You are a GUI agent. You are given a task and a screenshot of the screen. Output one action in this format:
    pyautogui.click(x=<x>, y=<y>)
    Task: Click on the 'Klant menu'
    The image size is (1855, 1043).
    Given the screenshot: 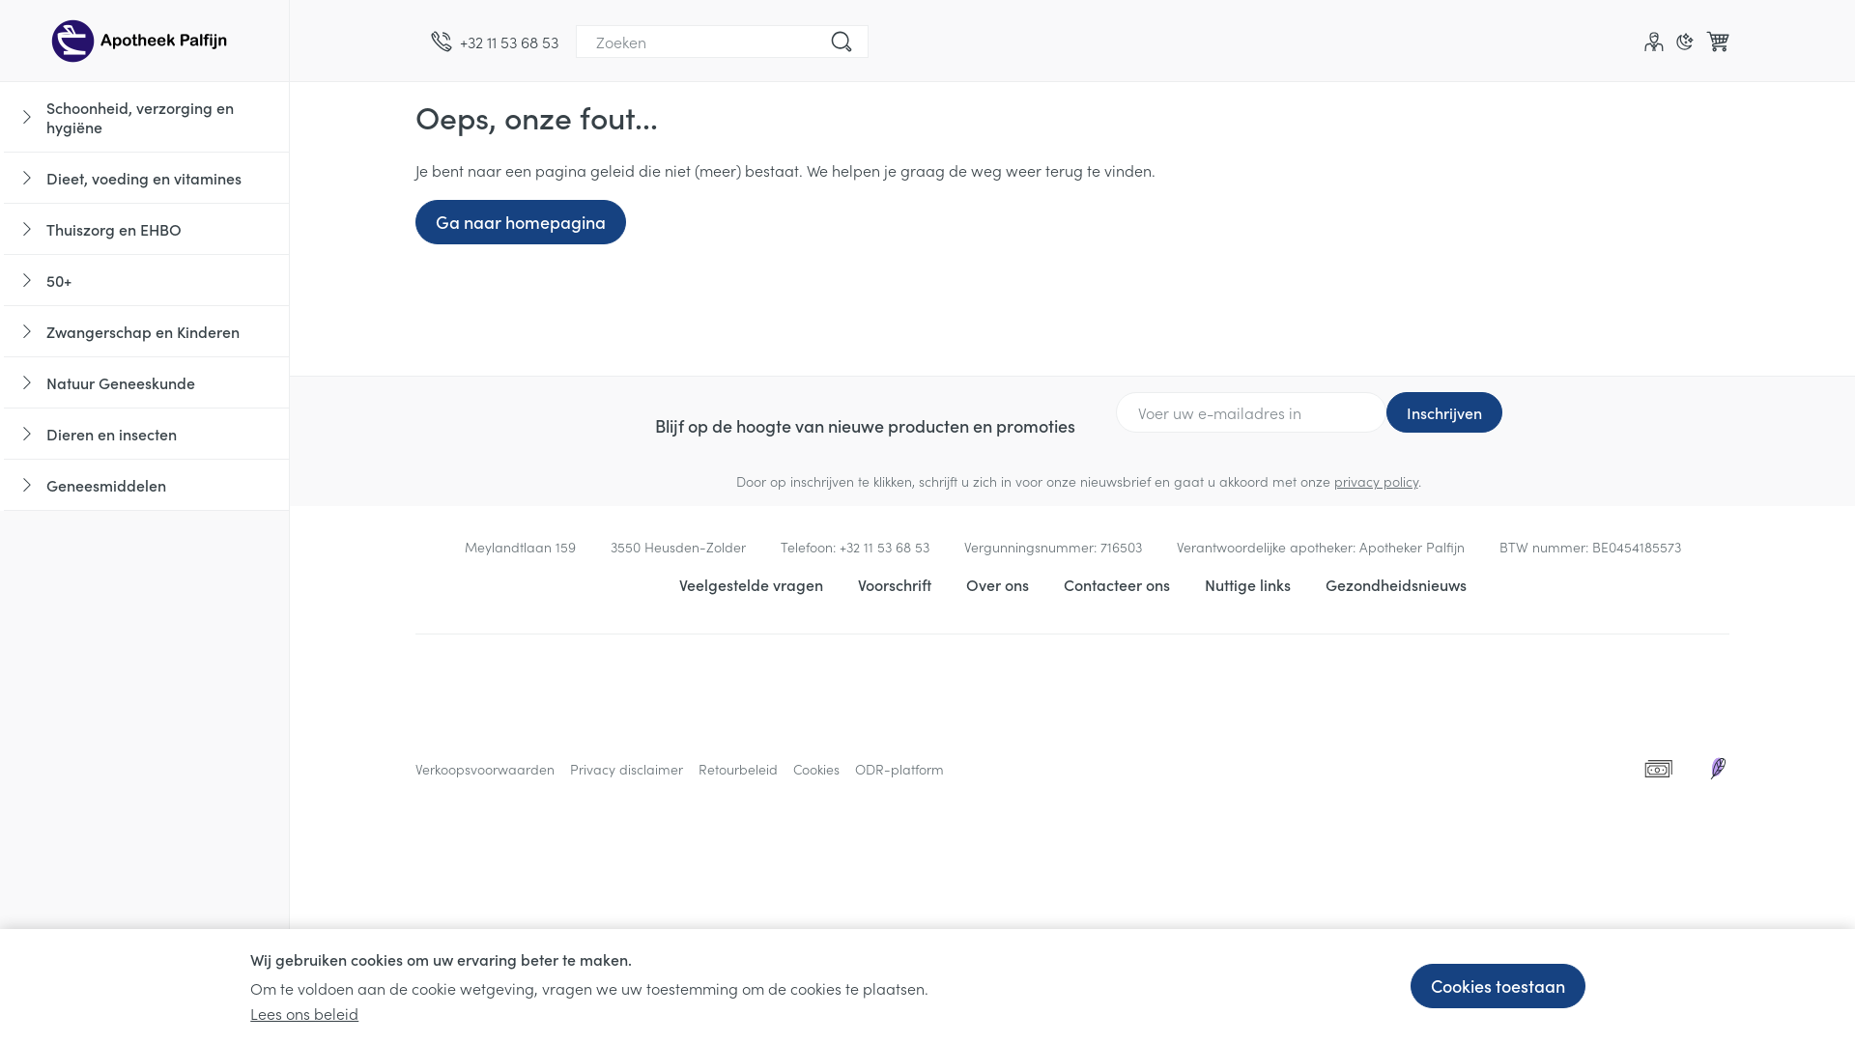 What is the action you would take?
    pyautogui.click(x=1653, y=41)
    